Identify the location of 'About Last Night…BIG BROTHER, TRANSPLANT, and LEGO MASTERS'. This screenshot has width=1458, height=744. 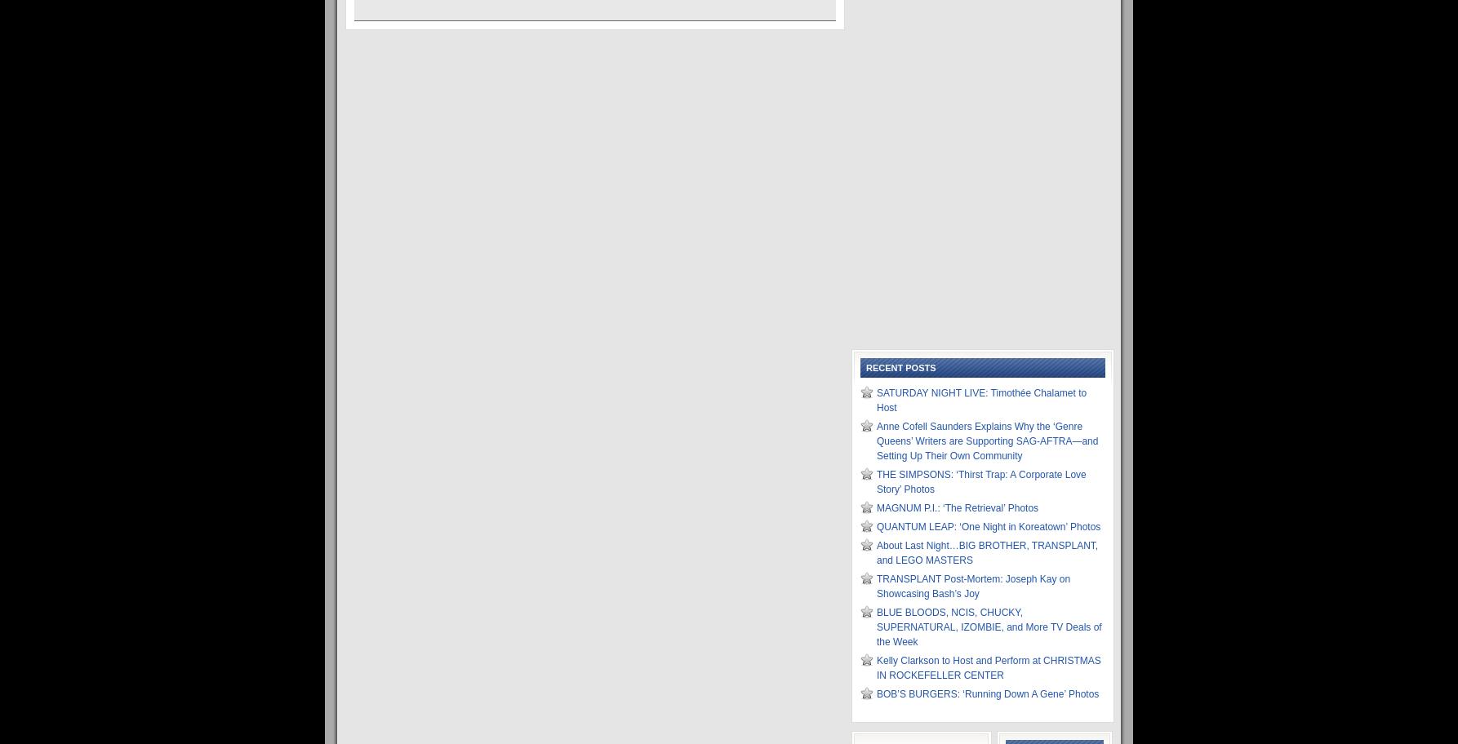
(875, 551).